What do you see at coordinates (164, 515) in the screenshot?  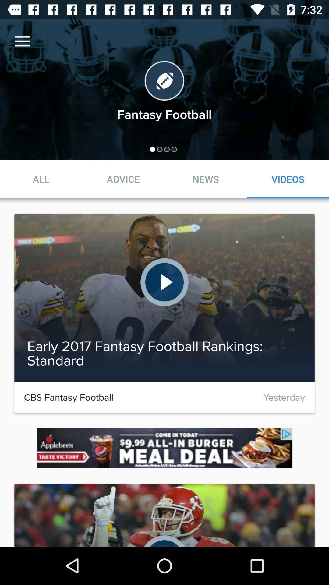 I see `the bottom middle image` at bounding box center [164, 515].